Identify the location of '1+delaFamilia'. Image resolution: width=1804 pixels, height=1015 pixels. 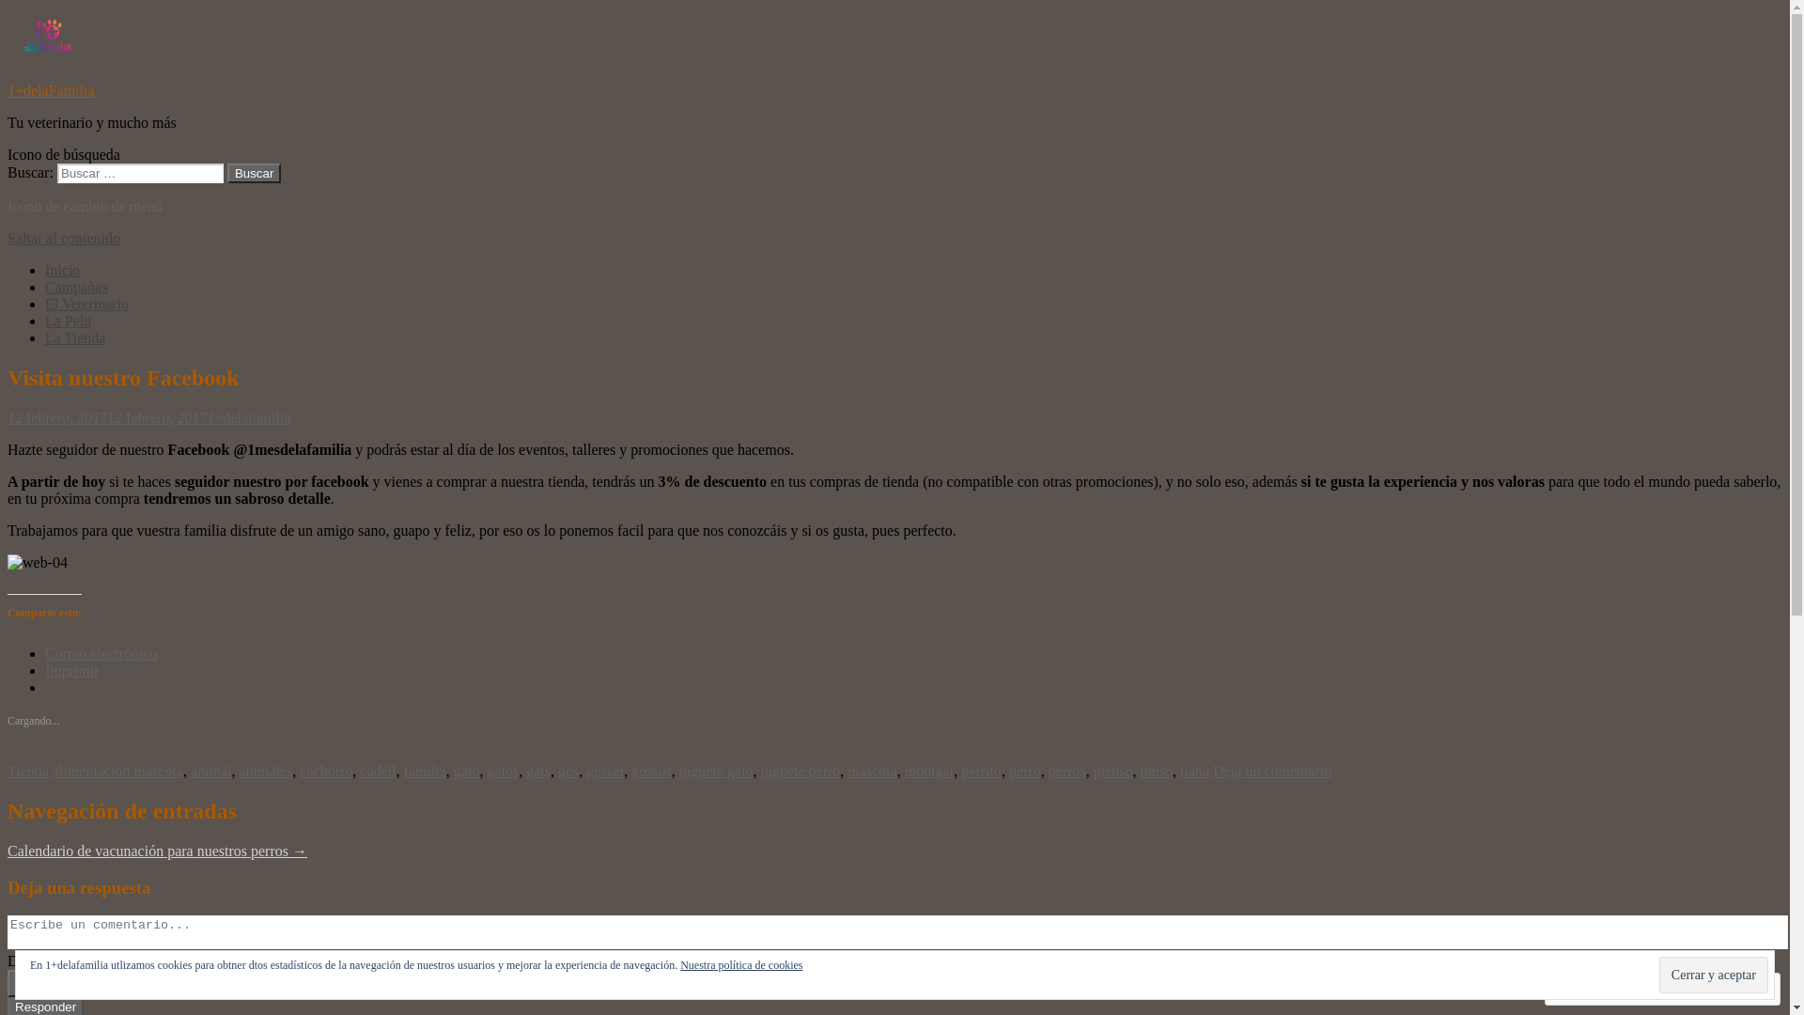
(51, 90).